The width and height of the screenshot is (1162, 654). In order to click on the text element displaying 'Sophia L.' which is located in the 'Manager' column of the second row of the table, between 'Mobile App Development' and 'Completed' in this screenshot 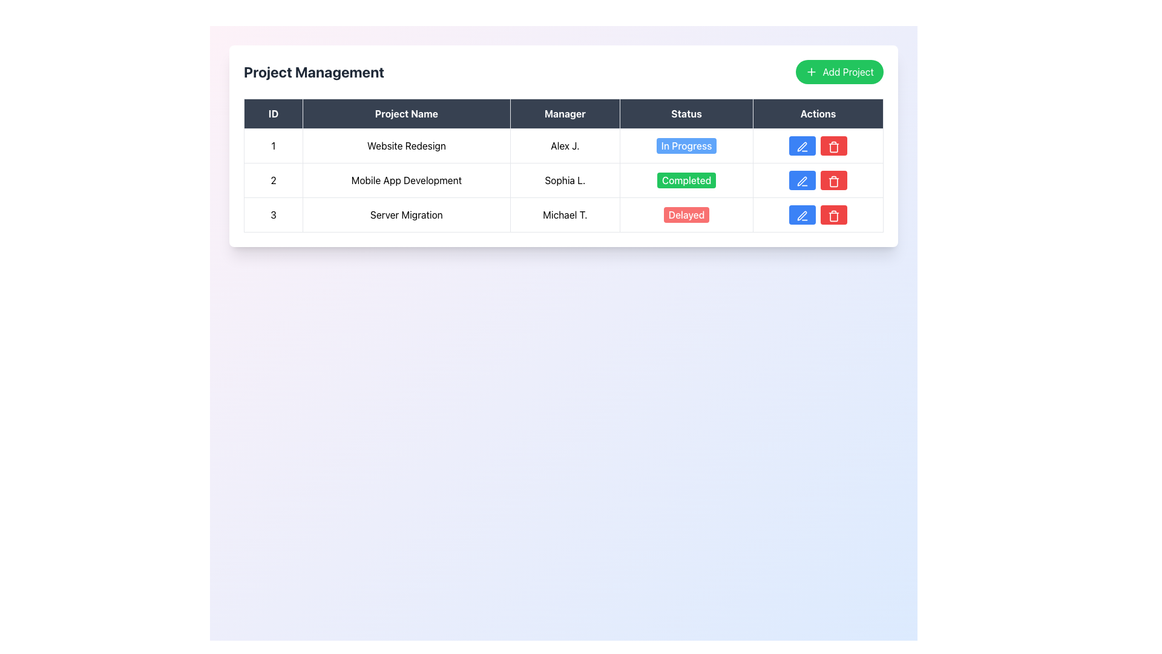, I will do `click(564, 180)`.